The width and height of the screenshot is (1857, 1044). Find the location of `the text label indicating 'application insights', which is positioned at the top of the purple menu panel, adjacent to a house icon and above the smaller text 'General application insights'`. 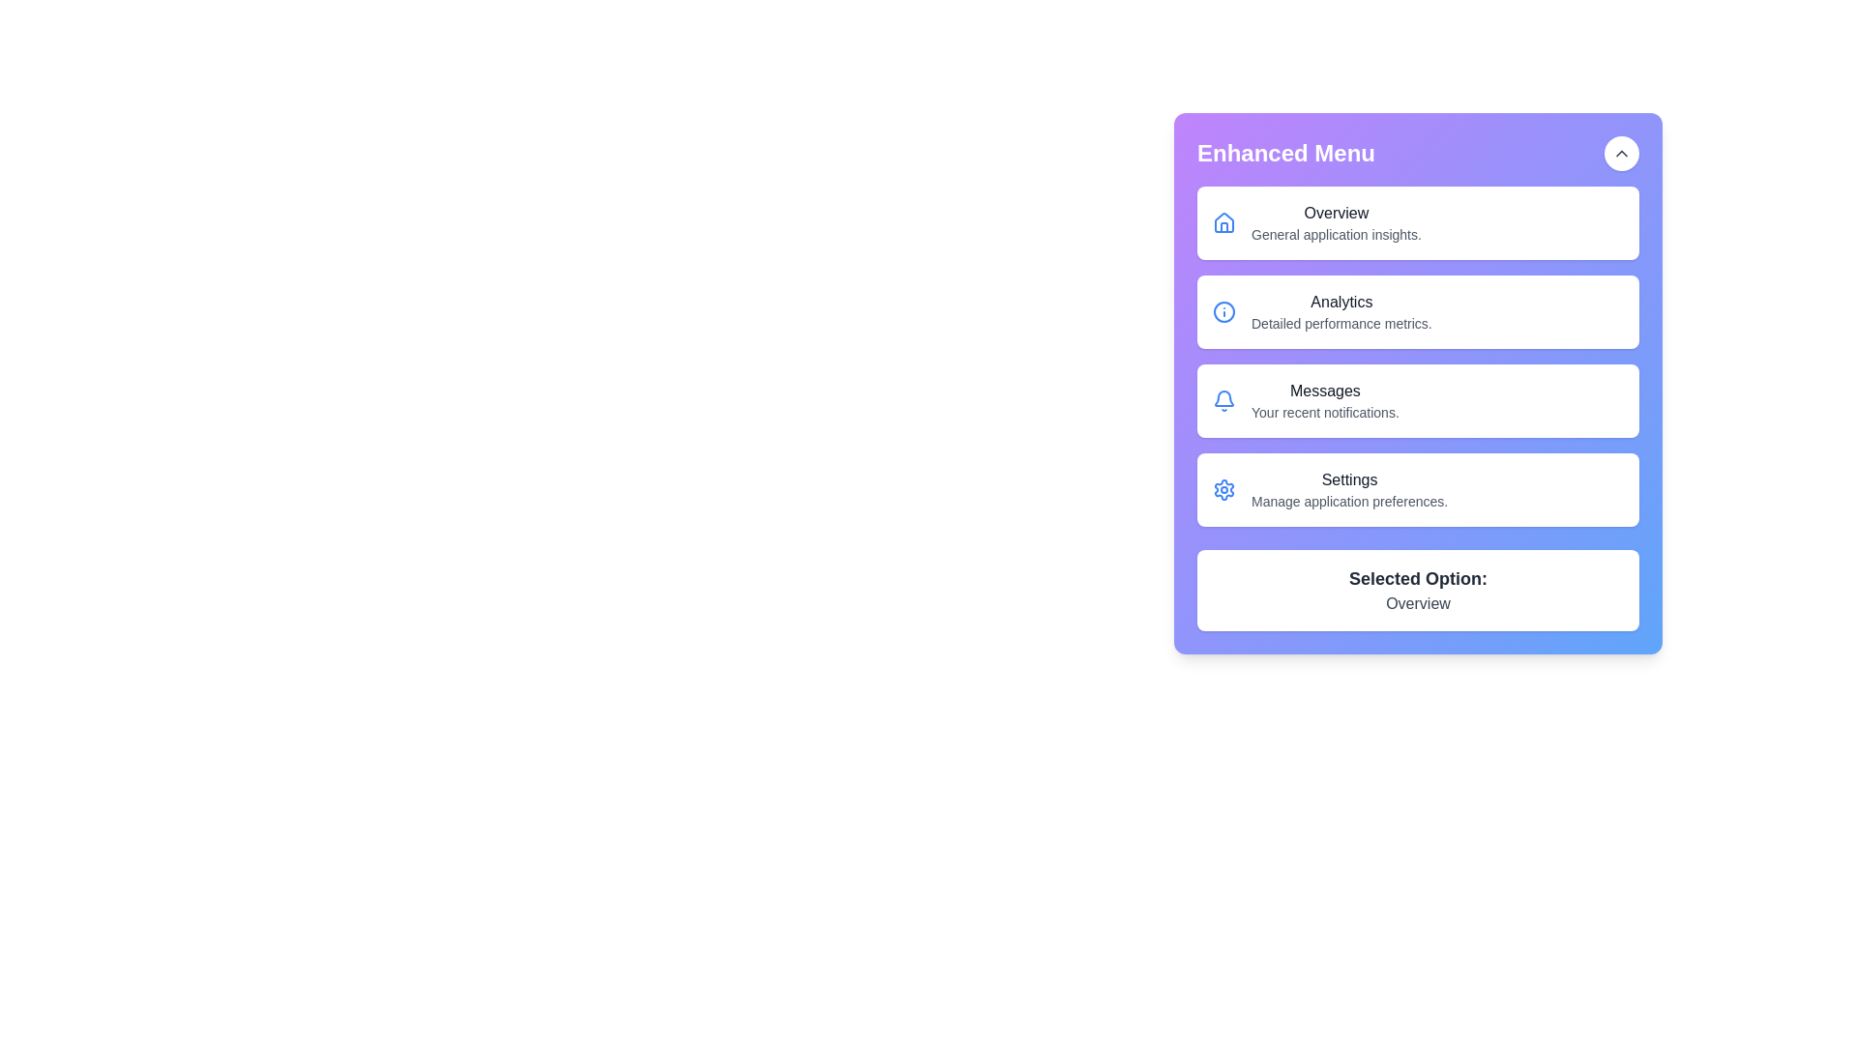

the text label indicating 'application insights', which is positioned at the top of the purple menu panel, adjacent to a house icon and above the smaller text 'General application insights' is located at coordinates (1336, 213).